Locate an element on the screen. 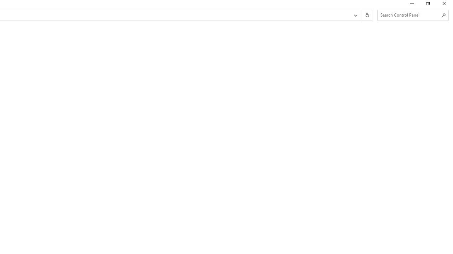  'Refresh "Network and Internet" (F5)' is located at coordinates (367, 15).